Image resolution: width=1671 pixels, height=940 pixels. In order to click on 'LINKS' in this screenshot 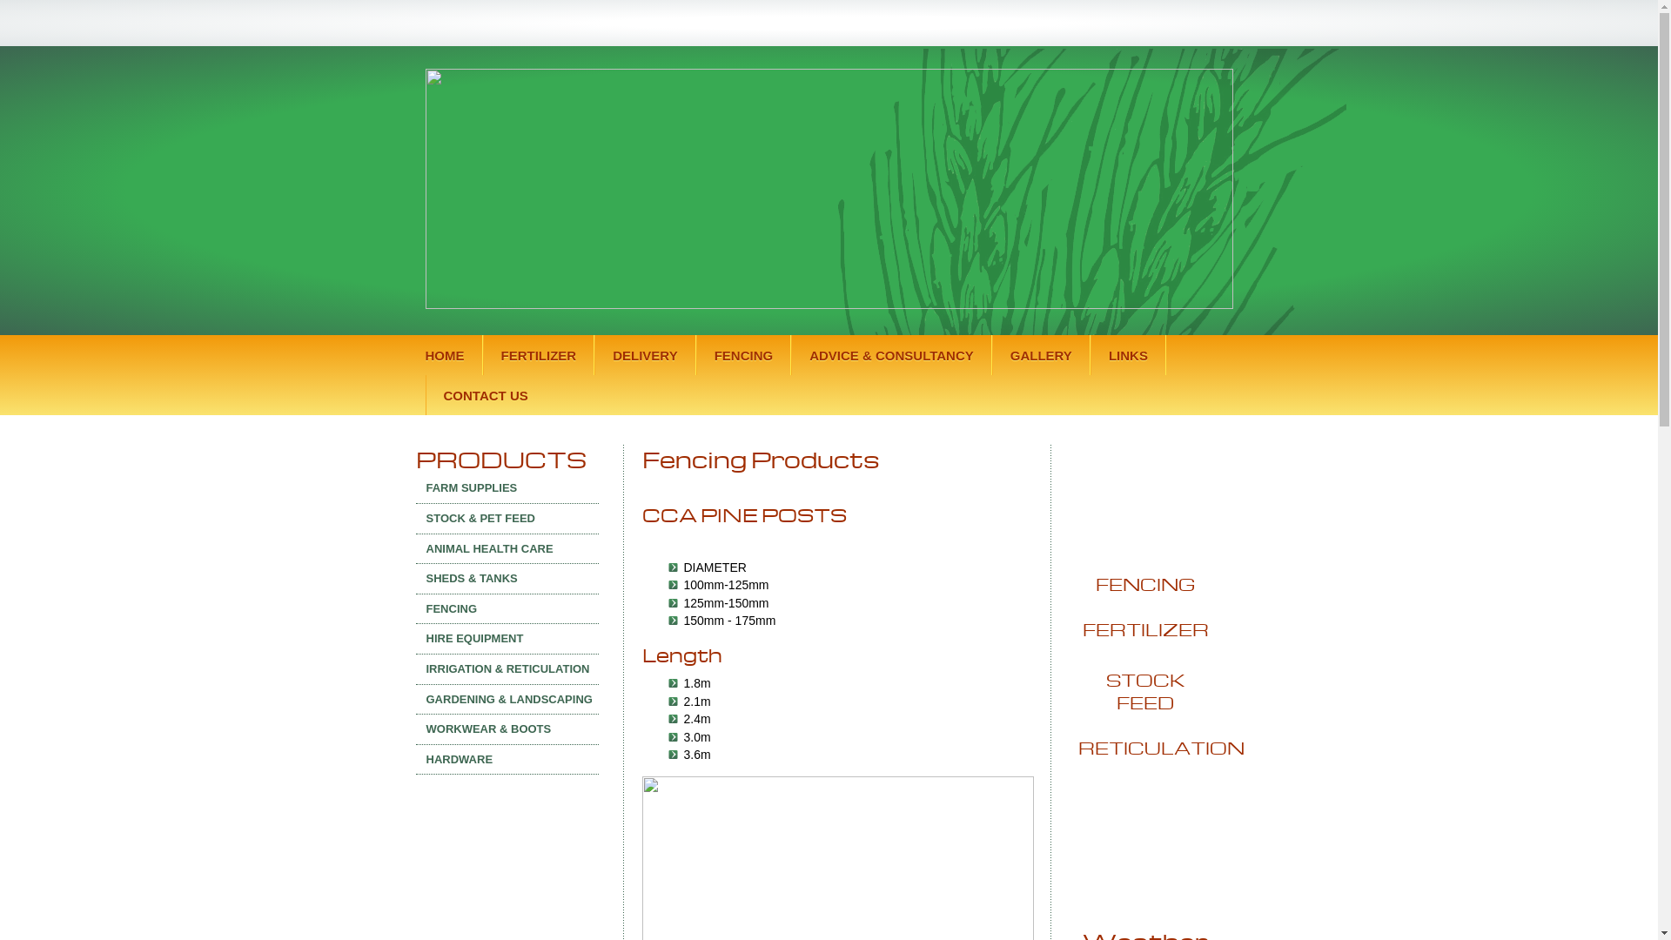, I will do `click(1089, 354)`.